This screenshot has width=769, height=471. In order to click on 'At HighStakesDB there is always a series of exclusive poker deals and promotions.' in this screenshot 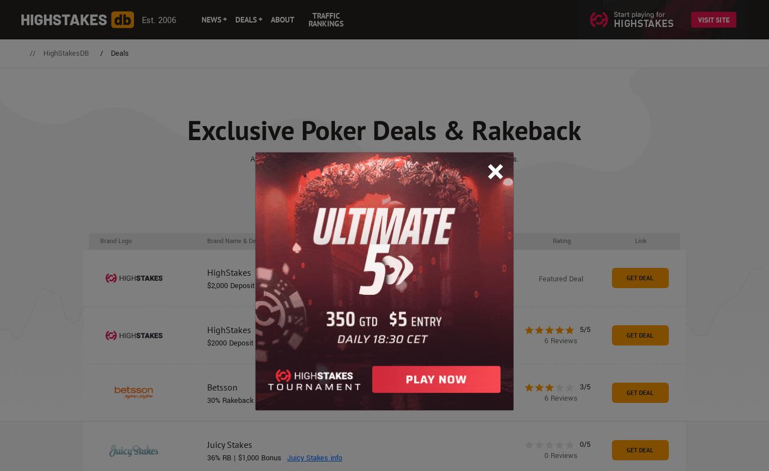, I will do `click(250, 158)`.